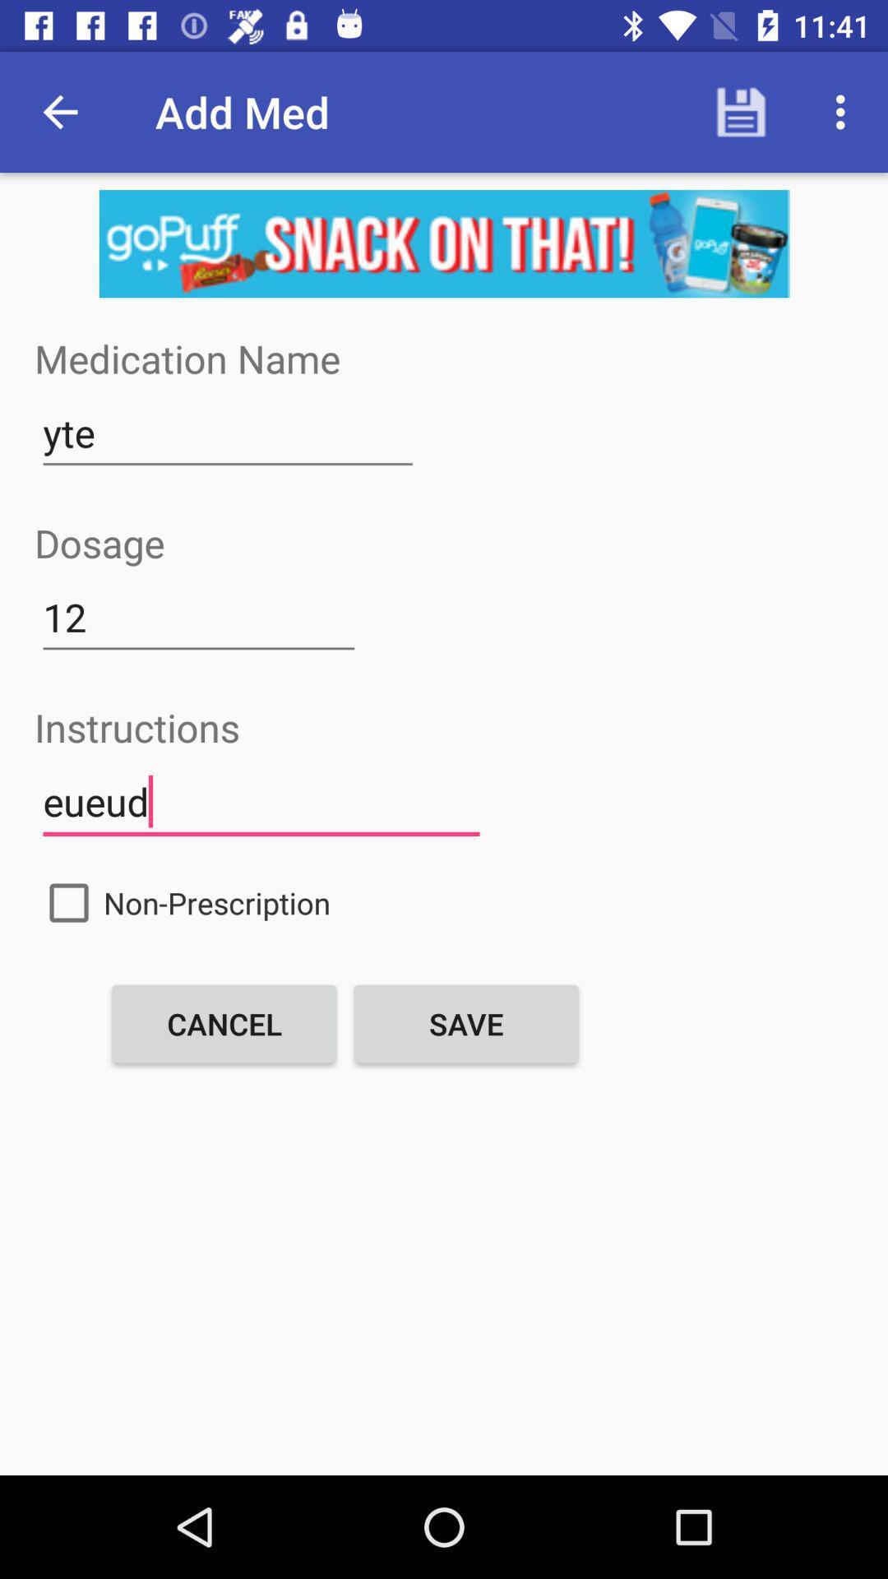 Image resolution: width=888 pixels, height=1579 pixels. What do you see at coordinates (444, 243) in the screenshot?
I see `advertisement` at bounding box center [444, 243].